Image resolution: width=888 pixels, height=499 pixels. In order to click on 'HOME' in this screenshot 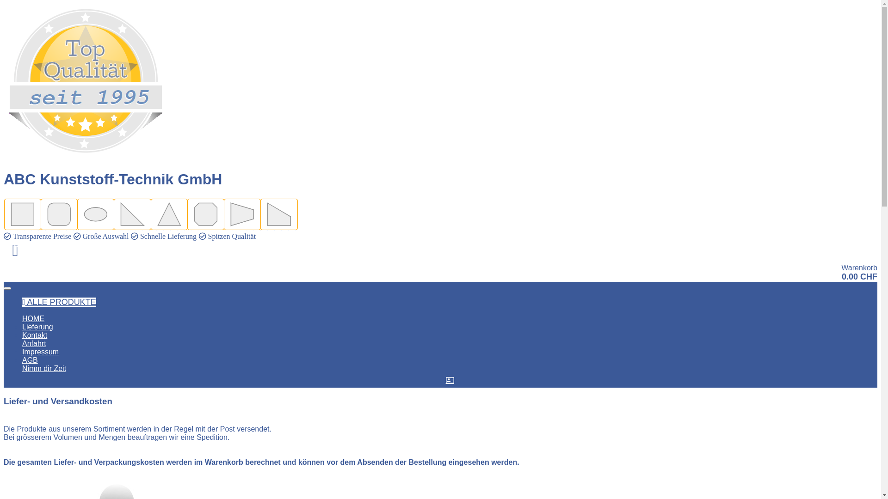, I will do `click(33, 318)`.